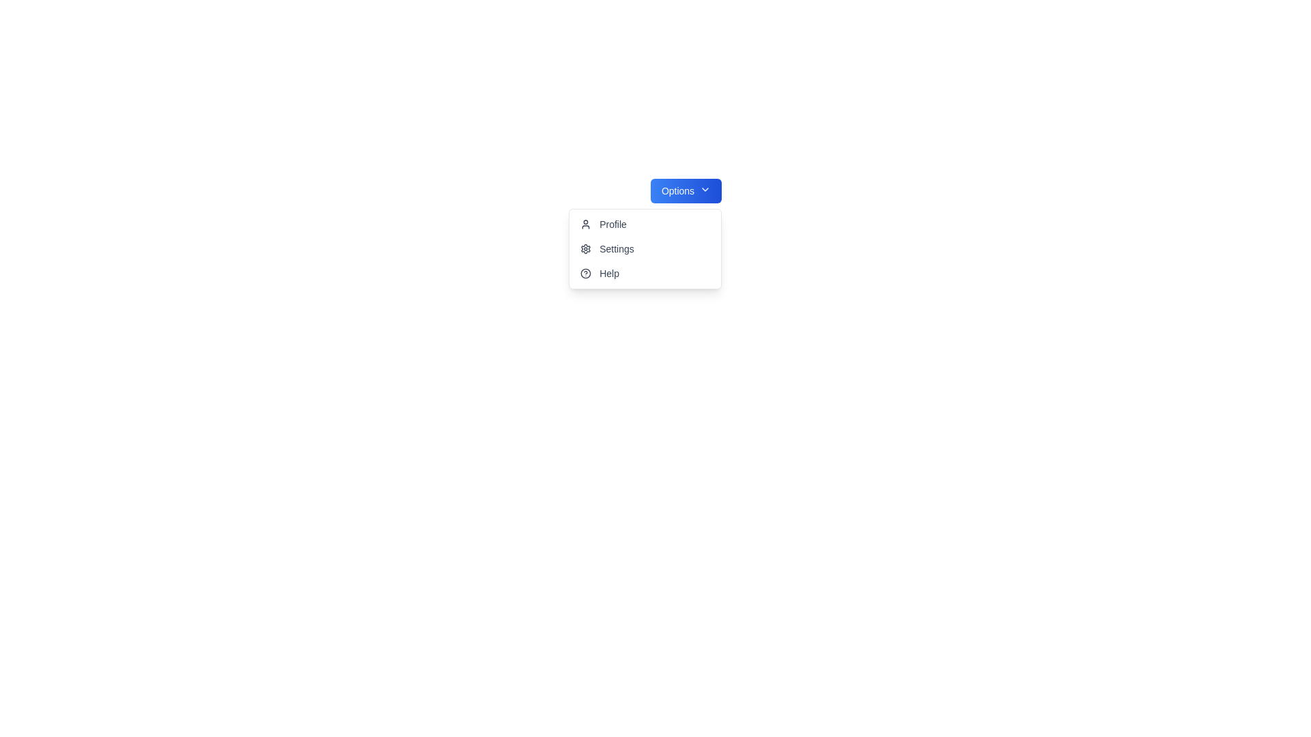 The width and height of the screenshot is (1311, 737). What do you see at coordinates (586, 249) in the screenshot?
I see `the settings icon in the dropdown menu located below the 'Options' button, which is the second icon from the top` at bounding box center [586, 249].